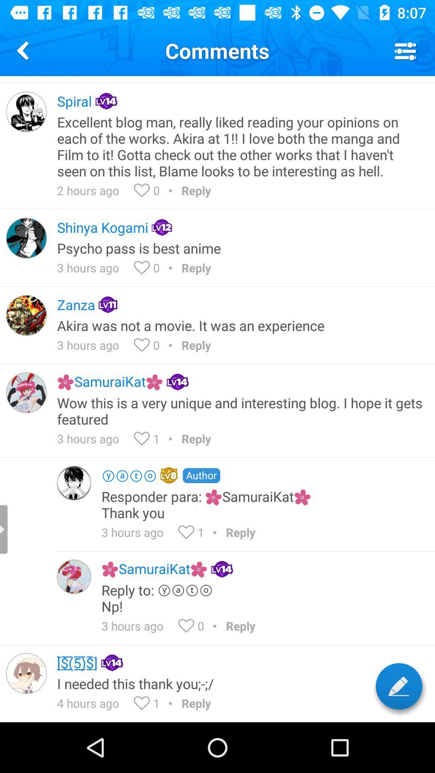 This screenshot has width=435, height=773. I want to click on app above 2 hours ago icon, so click(240, 146).